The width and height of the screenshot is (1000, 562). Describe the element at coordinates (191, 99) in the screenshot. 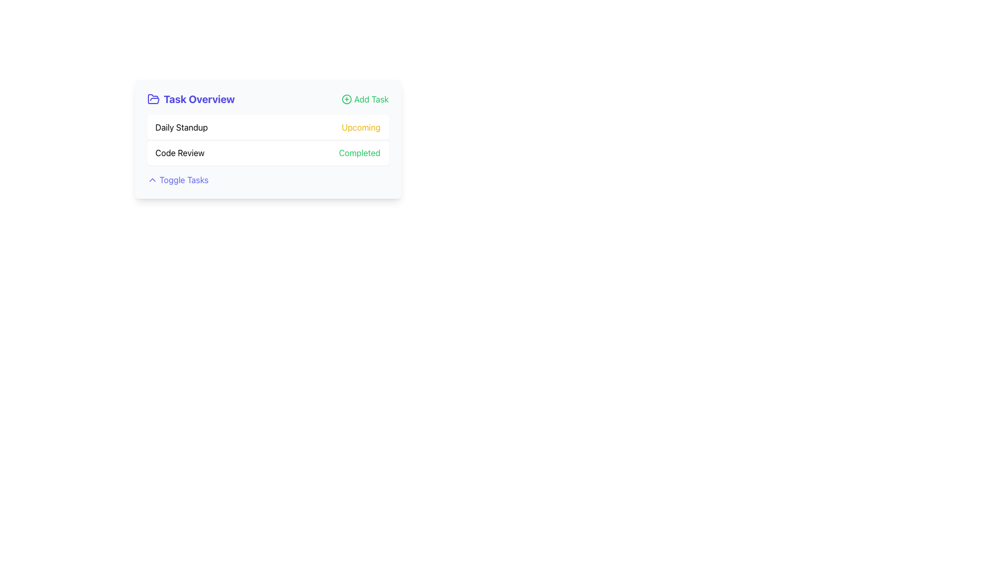

I see `the 'Task Overview' text element with an indigo-colored folder icon located at the top-left corner of the card` at that location.